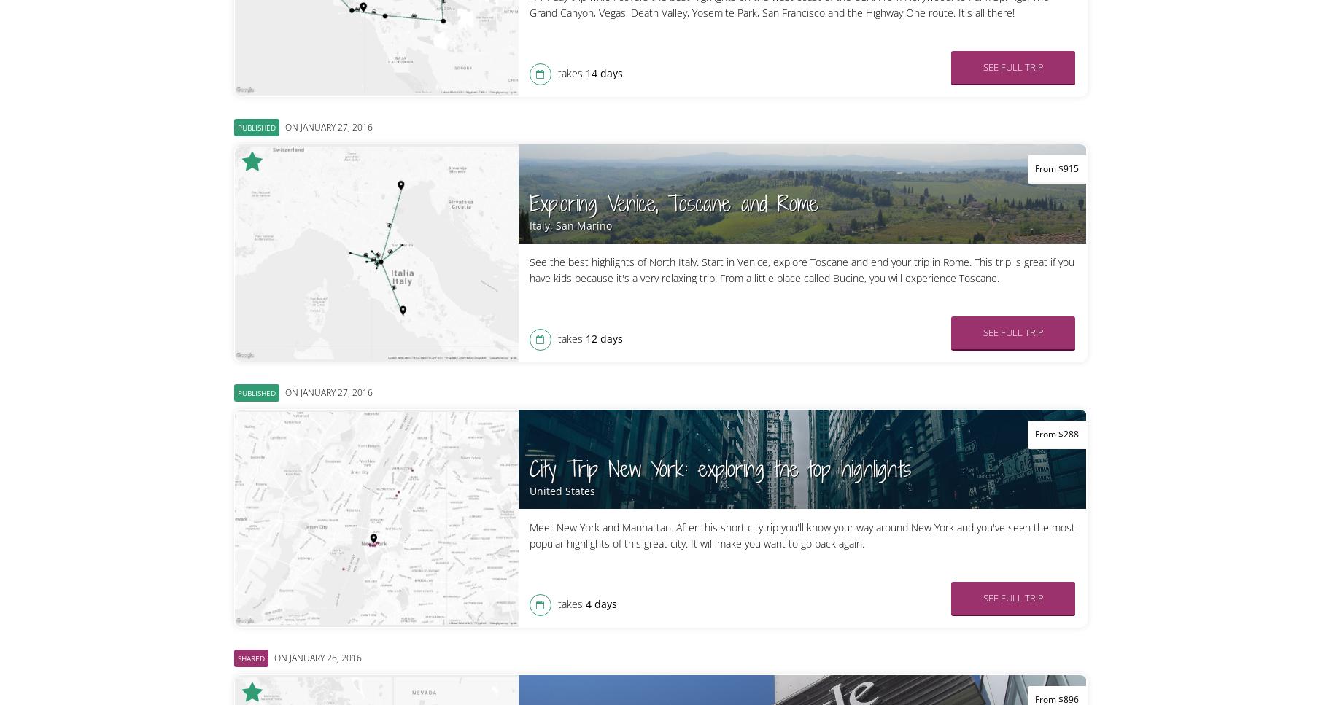 The image size is (1321, 705). Describe the element at coordinates (600, 604) in the screenshot. I see `'4 days'` at that location.